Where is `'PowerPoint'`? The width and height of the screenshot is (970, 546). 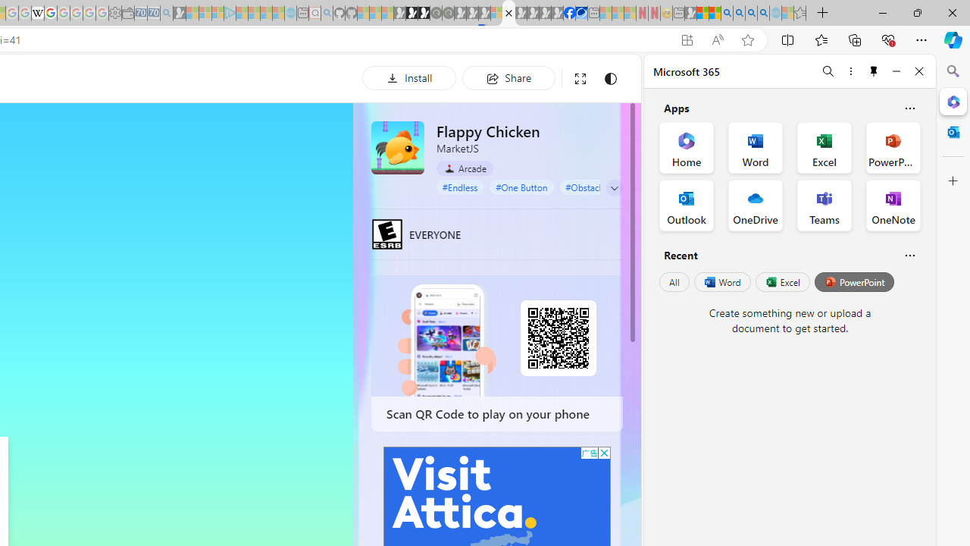 'PowerPoint' is located at coordinates (854, 282).